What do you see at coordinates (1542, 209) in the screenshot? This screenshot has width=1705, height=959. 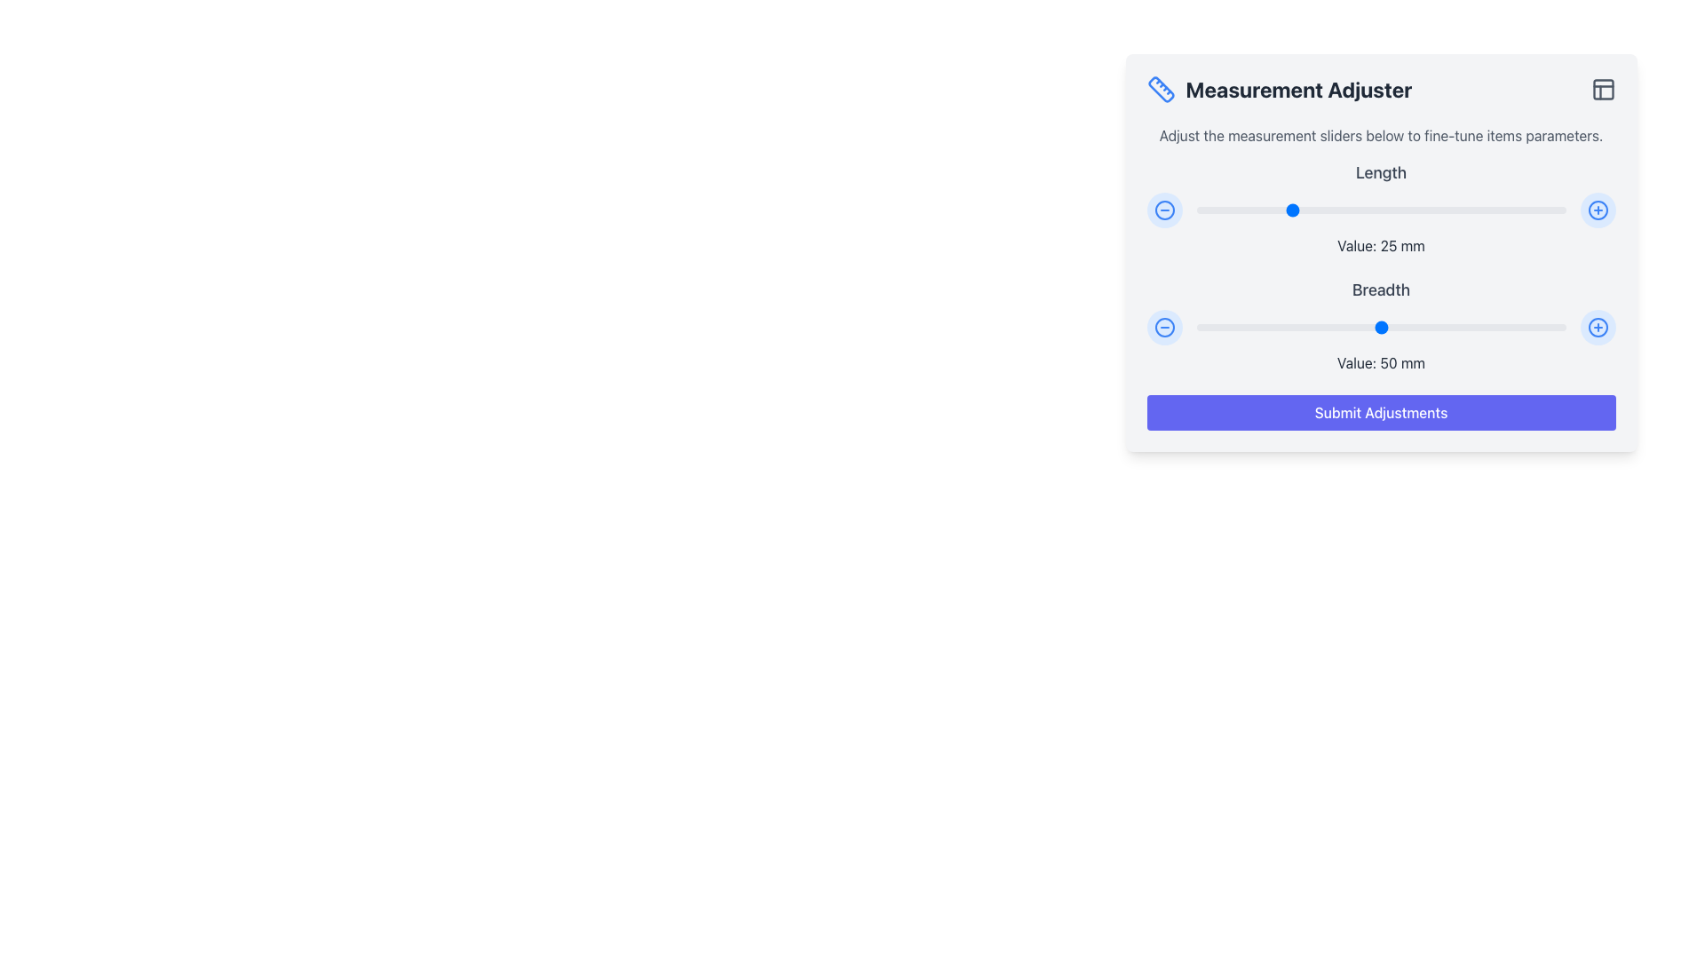 I see `the length adjustment slider` at bounding box center [1542, 209].